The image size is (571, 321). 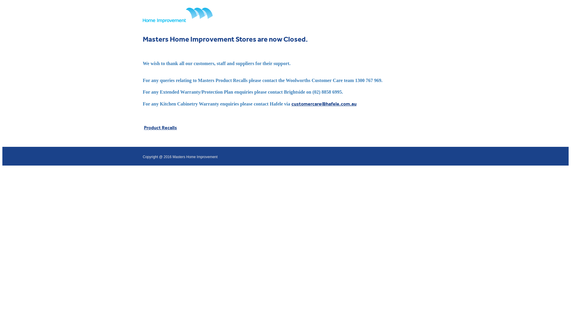 What do you see at coordinates (324, 103) in the screenshot?
I see `'customercare@hafele.com.au'` at bounding box center [324, 103].